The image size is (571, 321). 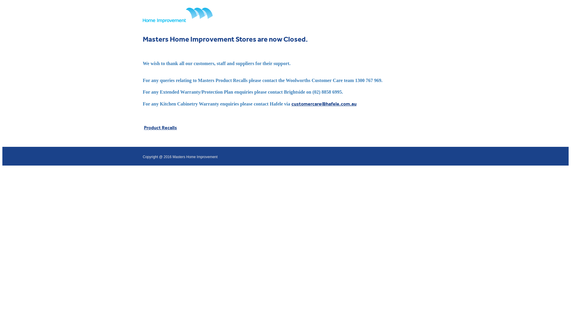 What do you see at coordinates (324, 103) in the screenshot?
I see `'customercare@hafele.com.au'` at bounding box center [324, 103].